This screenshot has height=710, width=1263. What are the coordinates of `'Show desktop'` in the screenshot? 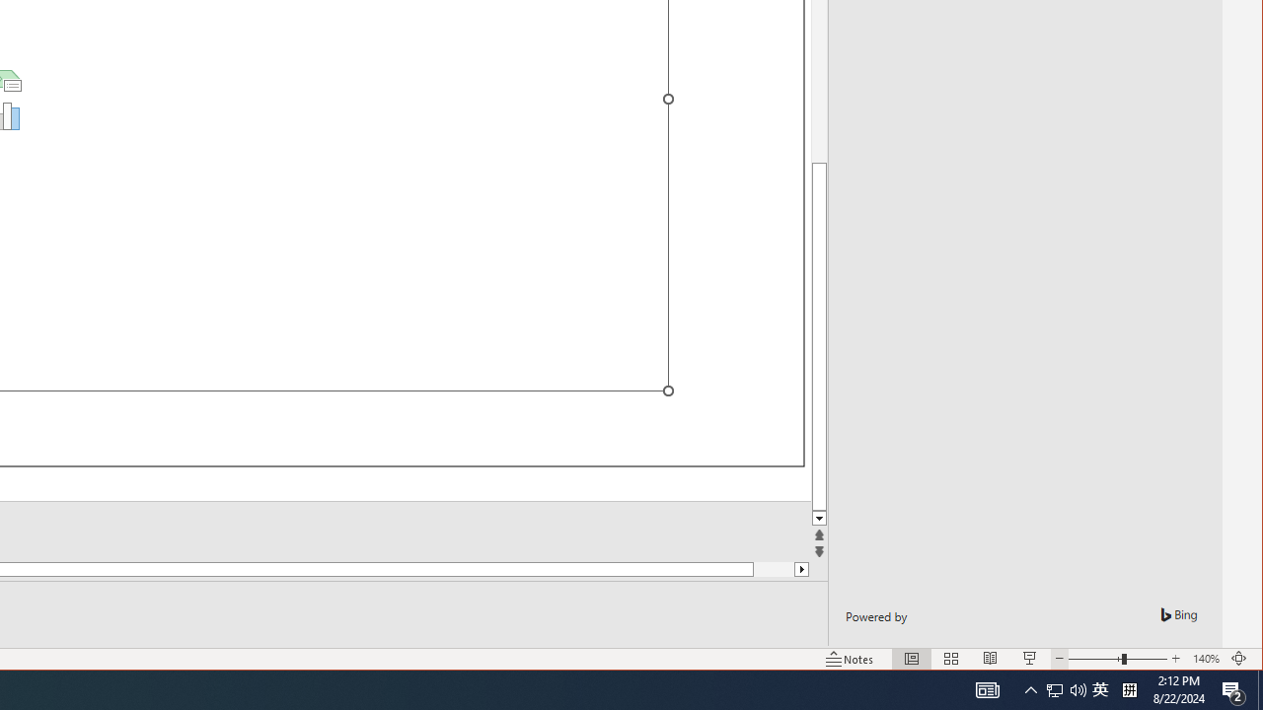 It's located at (1259, 688).